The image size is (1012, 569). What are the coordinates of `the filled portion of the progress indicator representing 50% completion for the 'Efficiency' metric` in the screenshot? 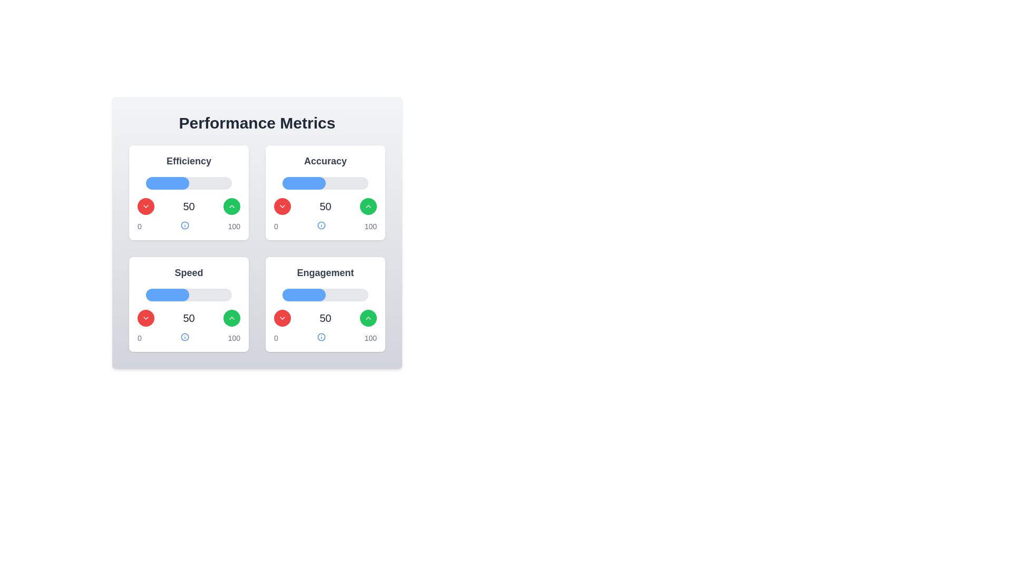 It's located at (167, 182).